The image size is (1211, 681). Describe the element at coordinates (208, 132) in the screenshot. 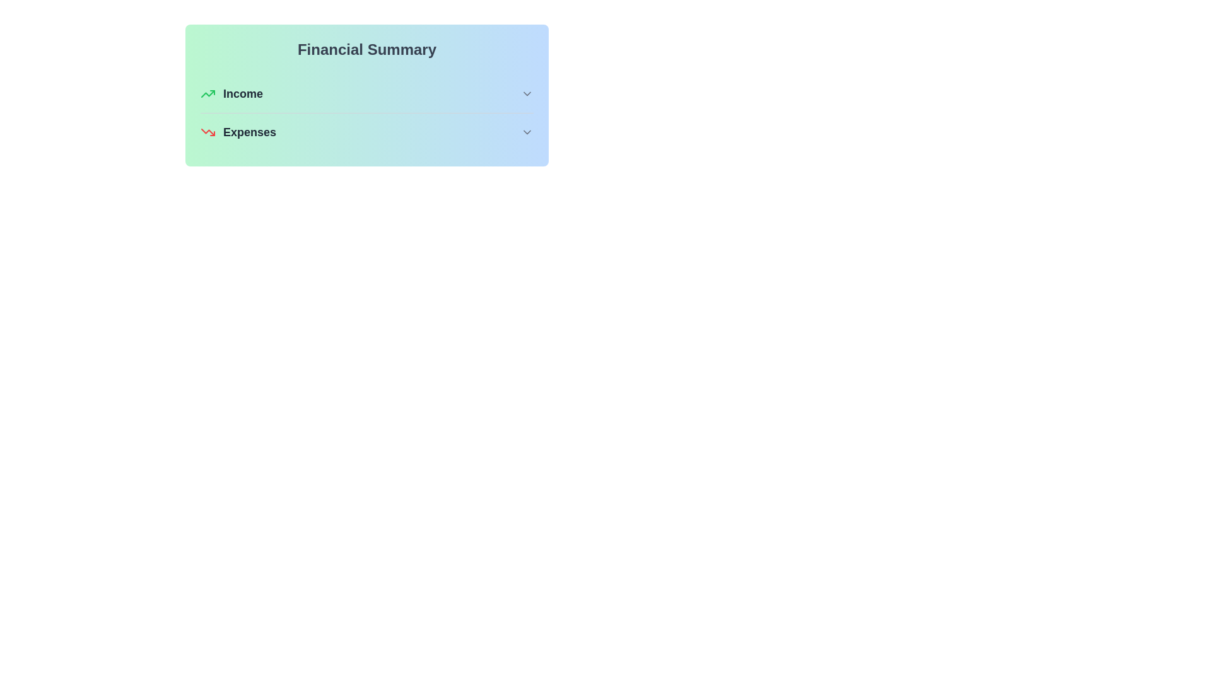

I see `the icon indicating a decrease or negative trend for 'Expenses', located to the left of the text 'Expenses' in the Financial Summary section` at that location.